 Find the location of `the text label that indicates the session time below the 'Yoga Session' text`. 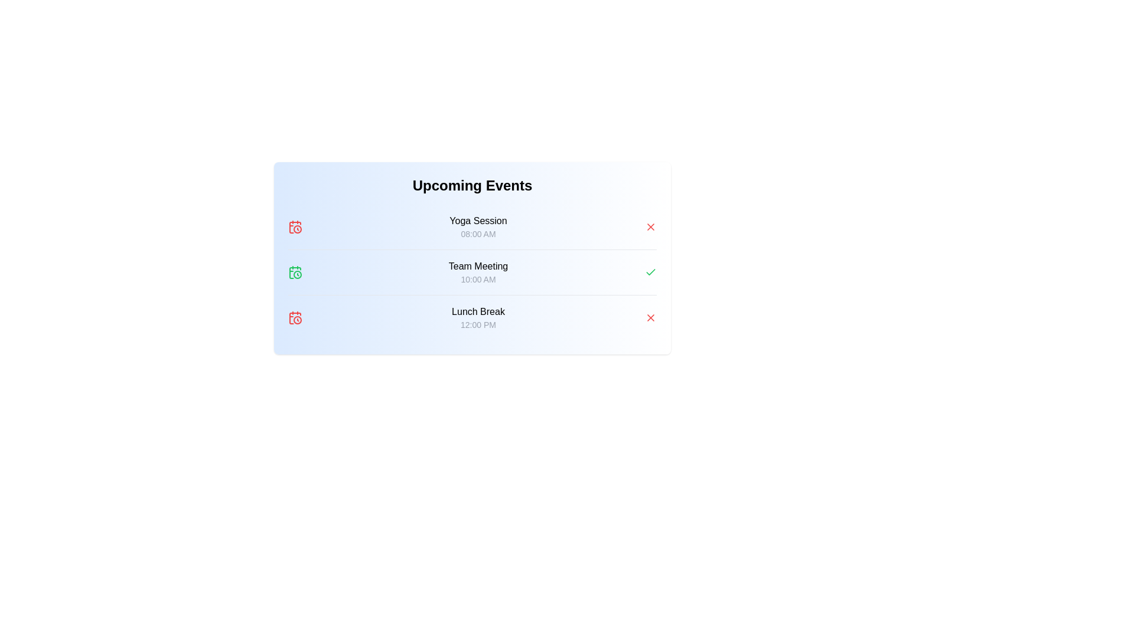

the text label that indicates the session time below the 'Yoga Session' text is located at coordinates (478, 234).